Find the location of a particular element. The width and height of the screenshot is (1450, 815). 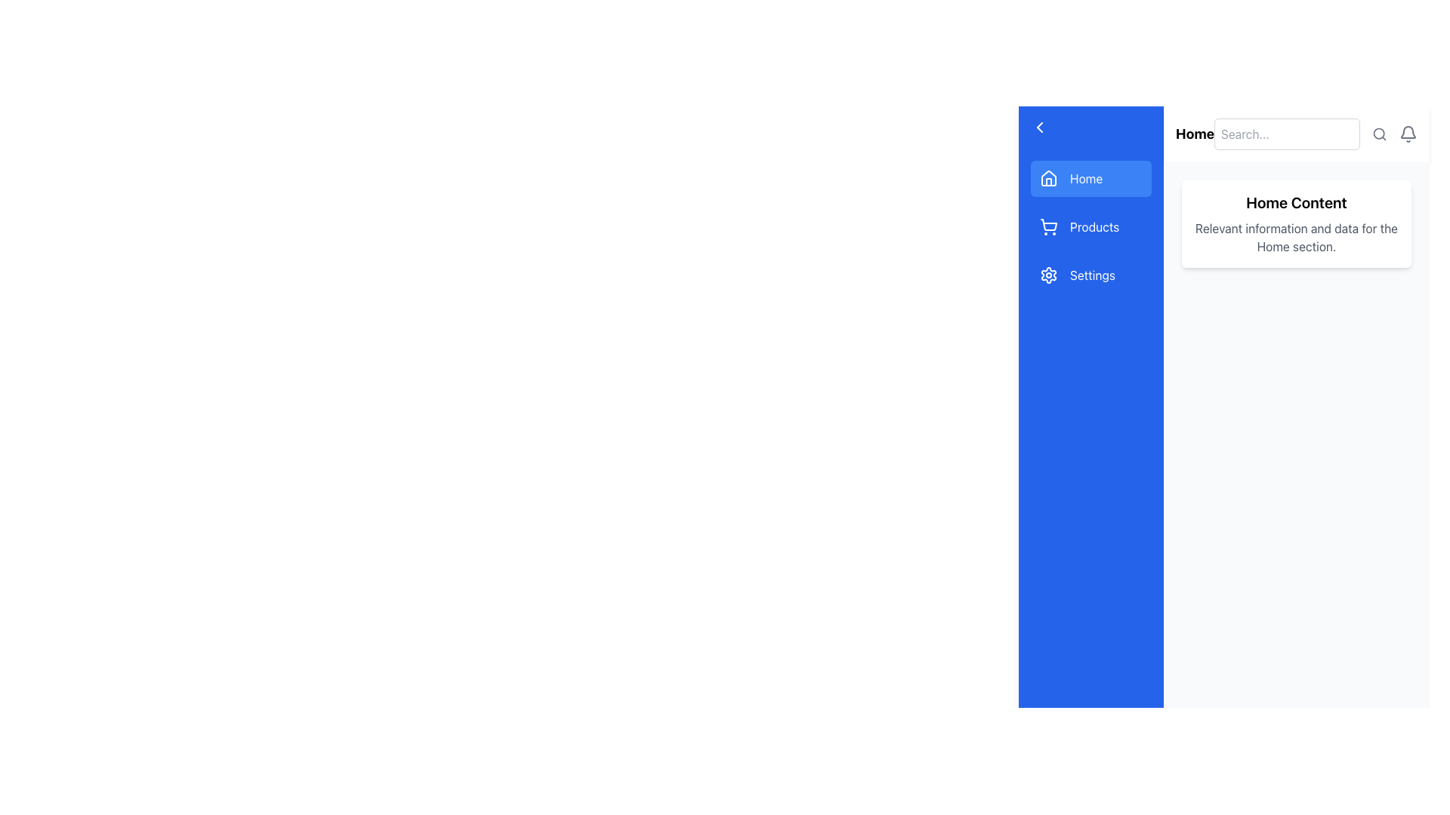

the left-pointing chevron icon rendered in white over a blue background located in the top-left section of the blue navigation panel is located at coordinates (1039, 127).